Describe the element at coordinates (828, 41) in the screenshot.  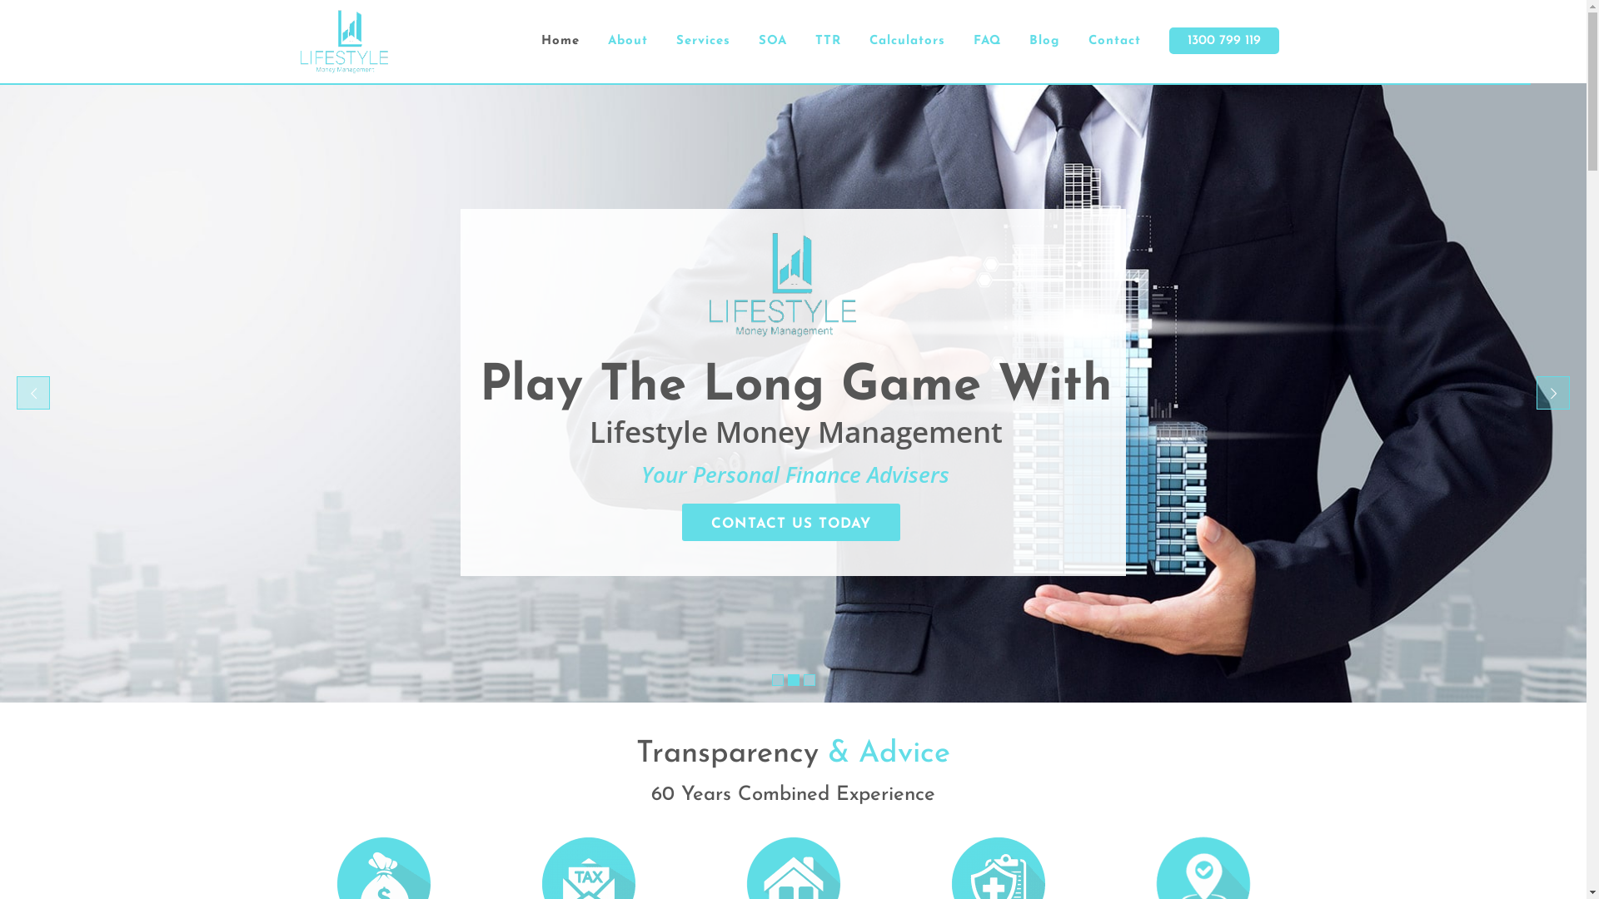
I see `'TTR'` at that location.